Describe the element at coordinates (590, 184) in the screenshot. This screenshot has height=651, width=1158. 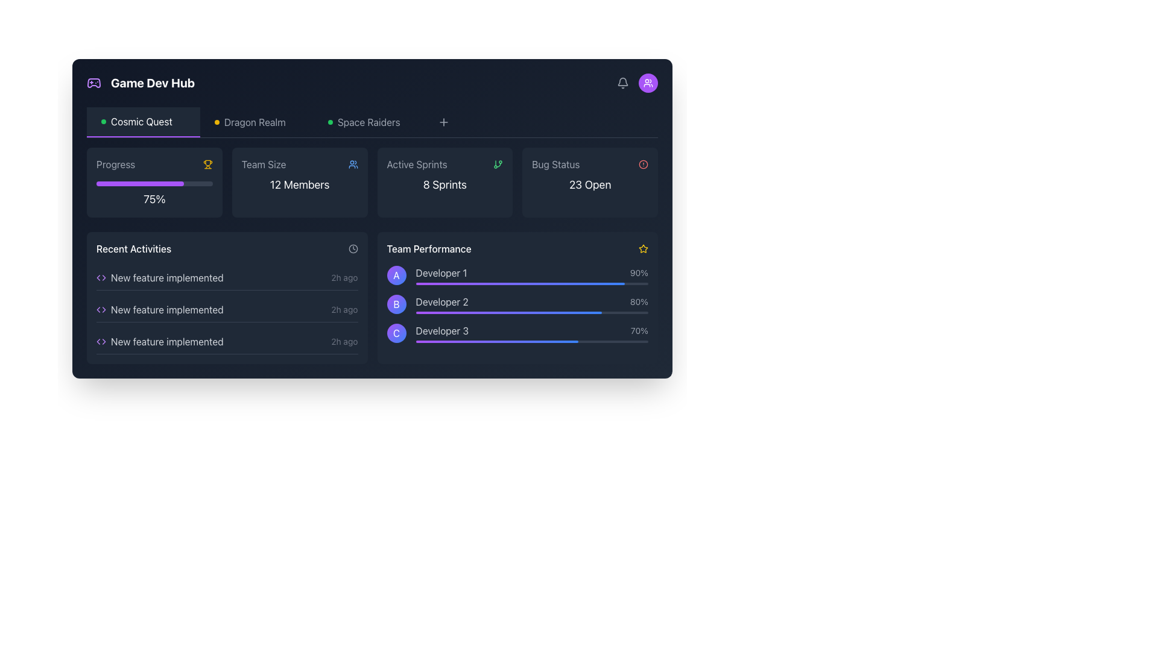
I see `the text label displaying '23 Open' in white text, which is located in the 'Bug Status' section at the top-right corner of the interface` at that location.